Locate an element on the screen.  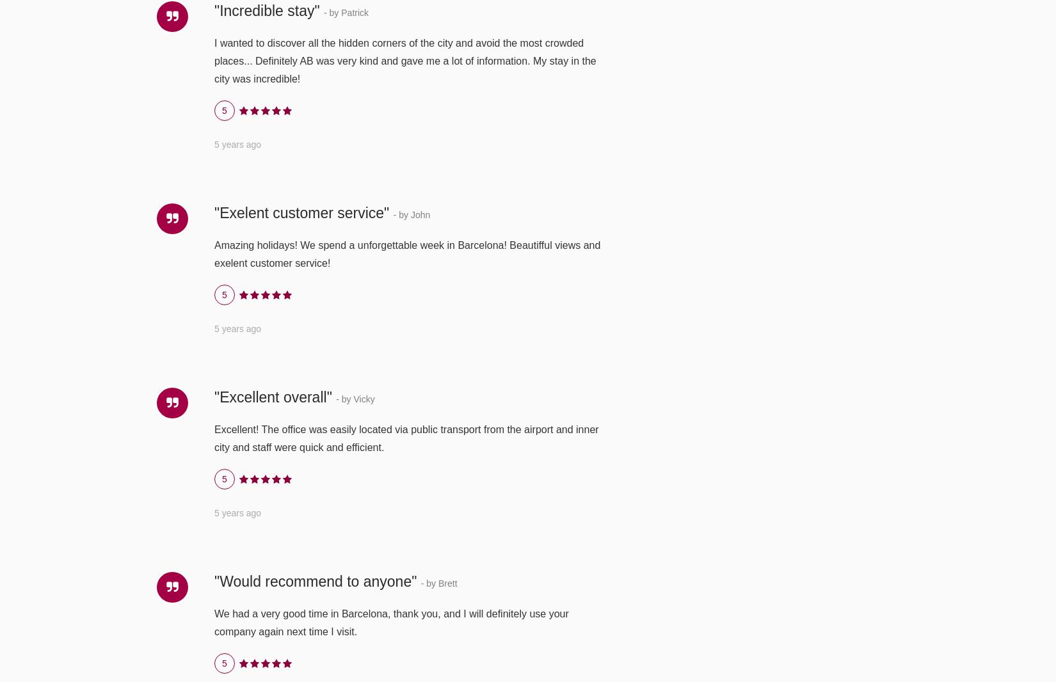
'- by Vicky' is located at coordinates (355, 397).